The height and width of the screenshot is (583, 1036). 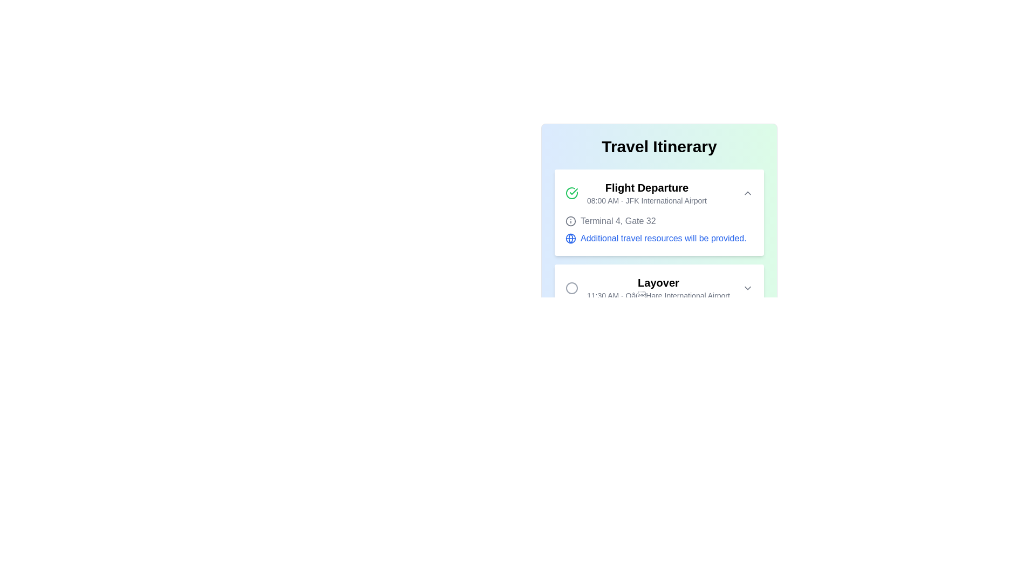 I want to click on the circular orbit icon representing global travel resources located in the 'Flight Departure' section of the 'Travel Itinerary' card, so click(x=570, y=238).